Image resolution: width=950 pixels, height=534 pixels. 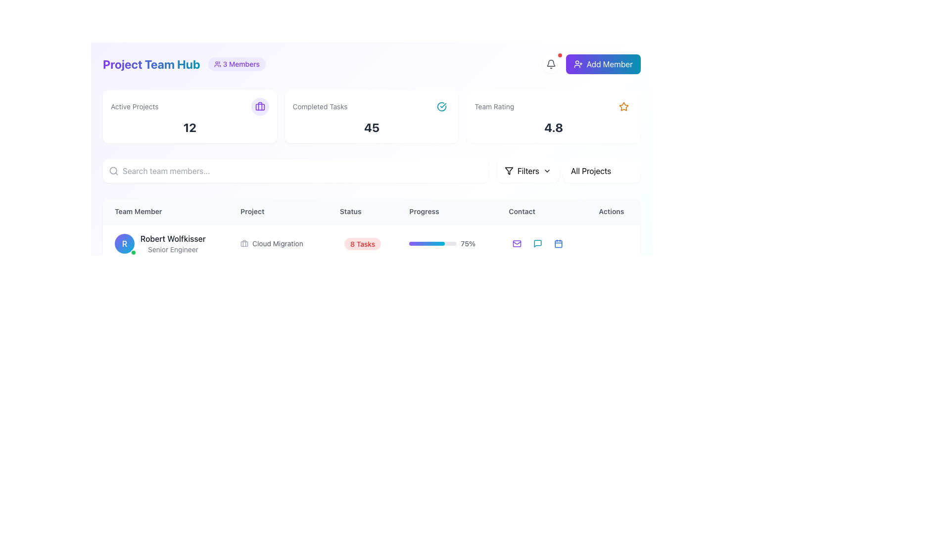 What do you see at coordinates (173, 249) in the screenshot?
I see `the text label conveying the job title of the individual listed below 'Robert Wolfkisser' in the 'Team Member' column` at bounding box center [173, 249].